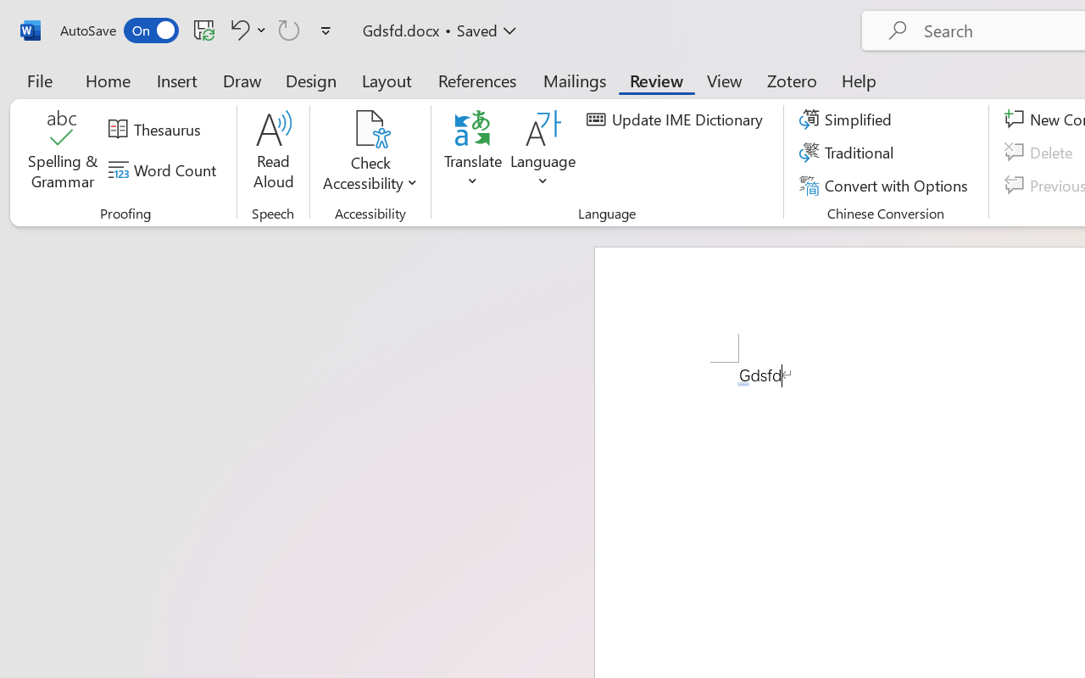  Describe the element at coordinates (849, 152) in the screenshot. I see `'Traditional'` at that location.